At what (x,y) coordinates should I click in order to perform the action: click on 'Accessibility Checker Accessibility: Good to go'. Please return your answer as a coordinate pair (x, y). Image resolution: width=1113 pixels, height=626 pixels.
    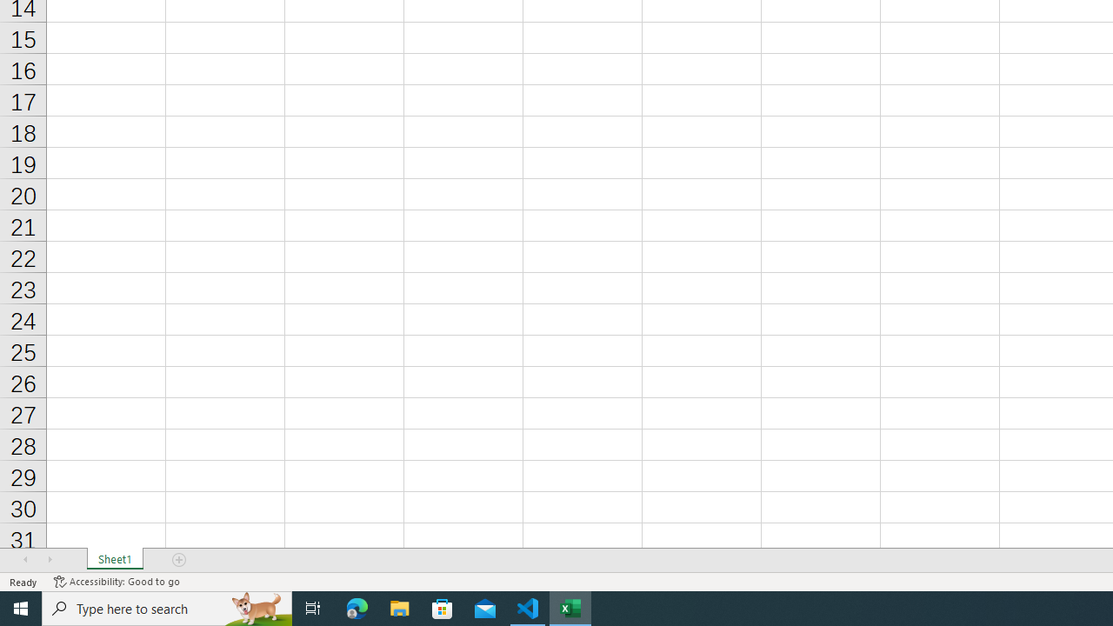
    Looking at the image, I should click on (116, 582).